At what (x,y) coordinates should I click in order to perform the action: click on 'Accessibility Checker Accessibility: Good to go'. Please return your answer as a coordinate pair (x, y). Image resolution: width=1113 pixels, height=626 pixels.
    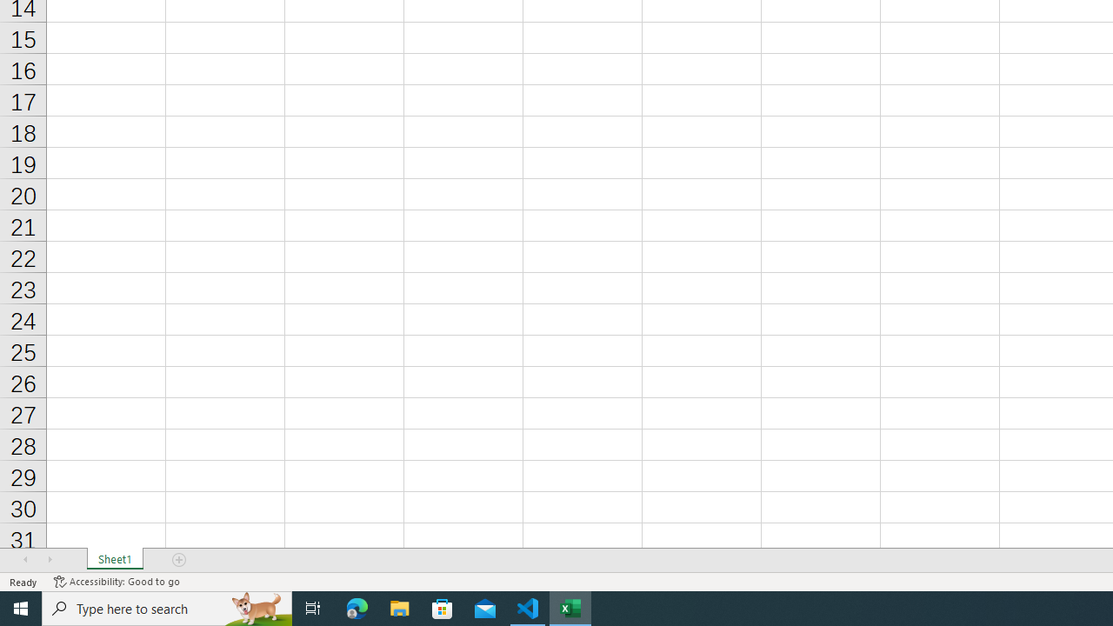
    Looking at the image, I should click on (116, 582).